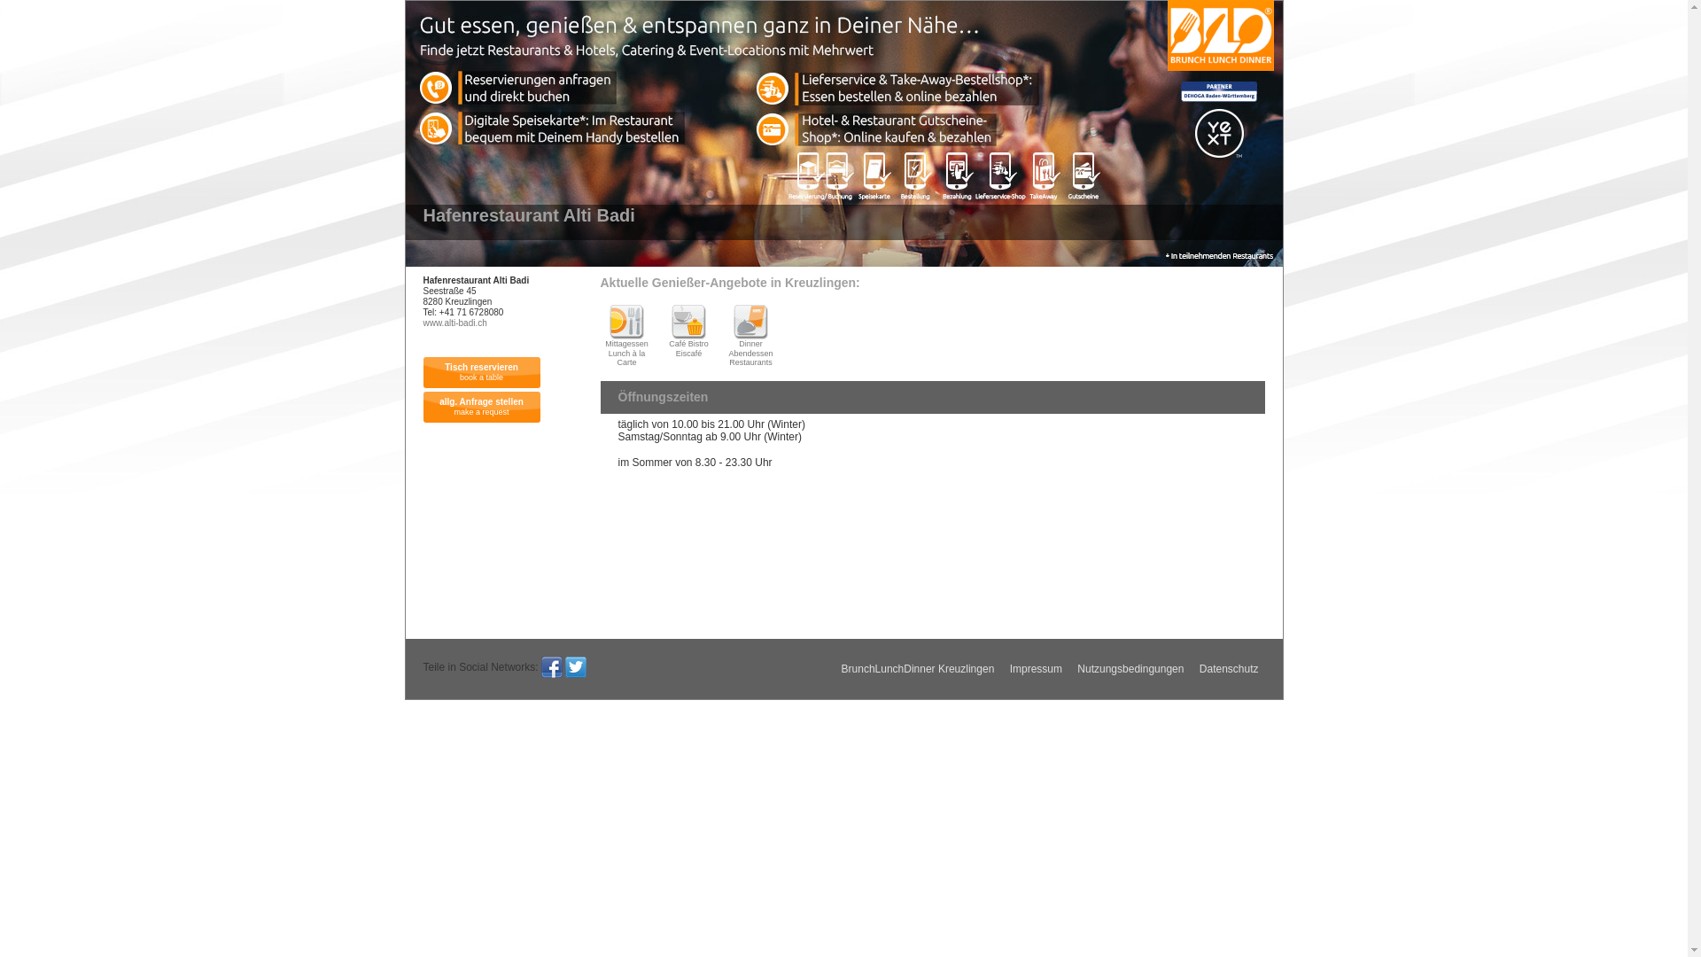  I want to click on 'Impressum', so click(1036, 669).